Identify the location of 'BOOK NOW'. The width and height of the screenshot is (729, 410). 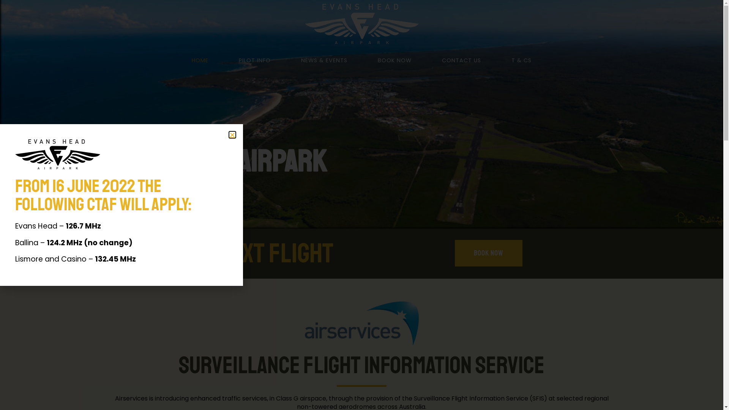
(394, 60).